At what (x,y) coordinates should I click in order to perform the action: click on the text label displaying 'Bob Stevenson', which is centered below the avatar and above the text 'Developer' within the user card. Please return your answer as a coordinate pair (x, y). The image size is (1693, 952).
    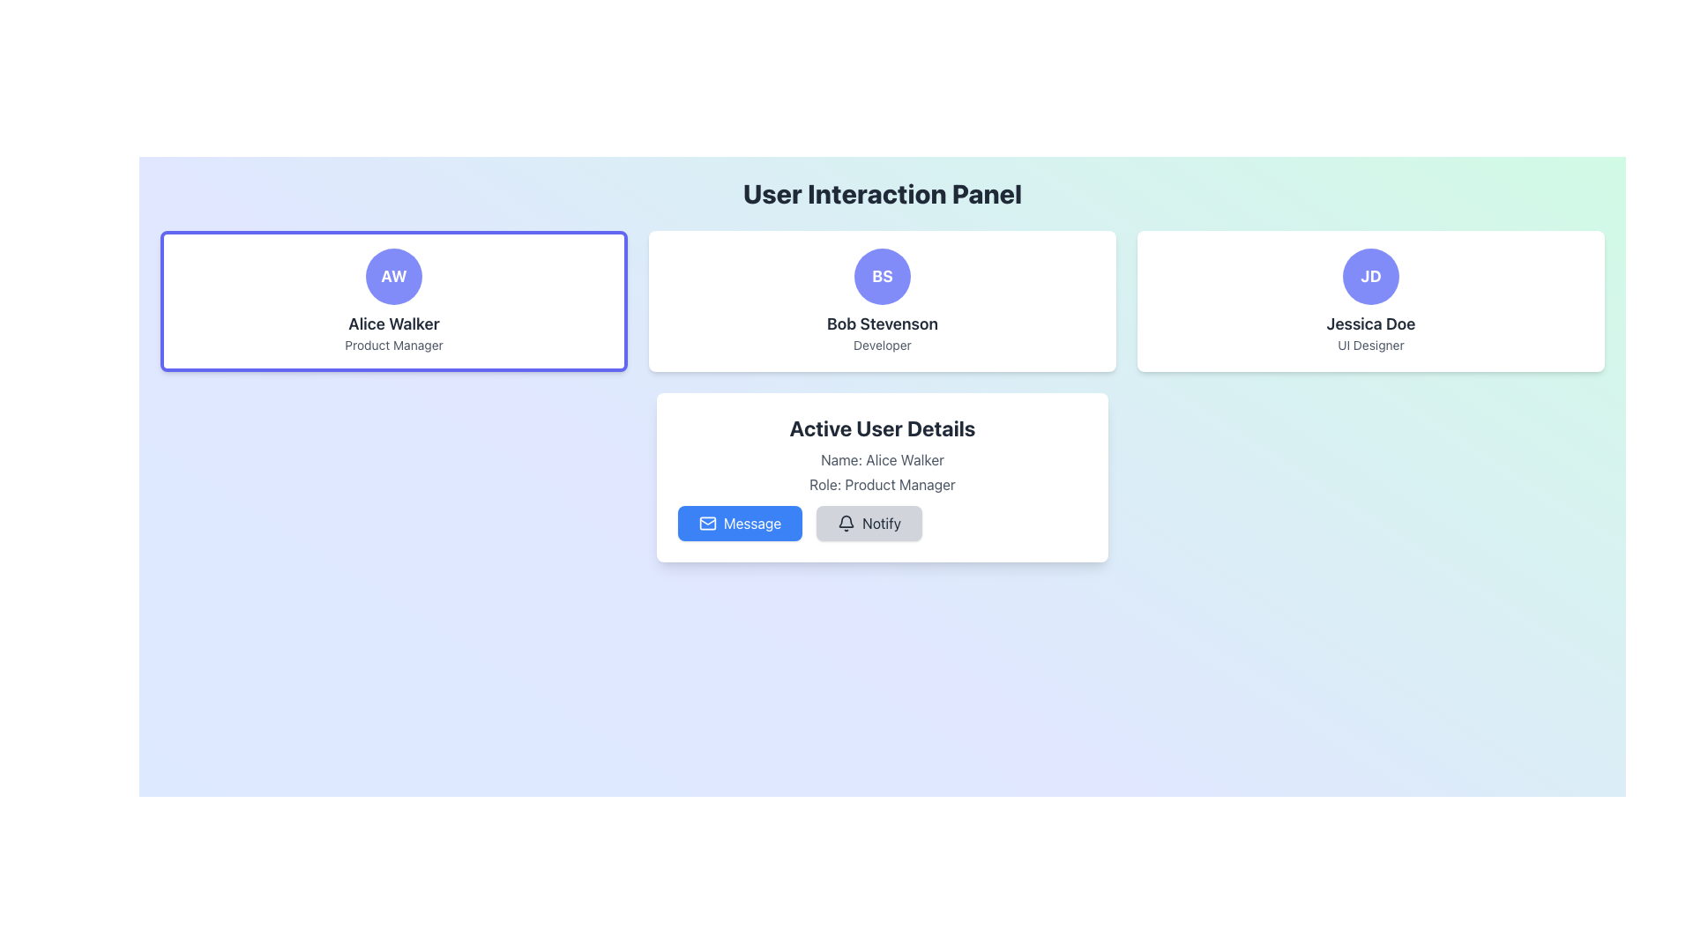
    Looking at the image, I should click on (883, 324).